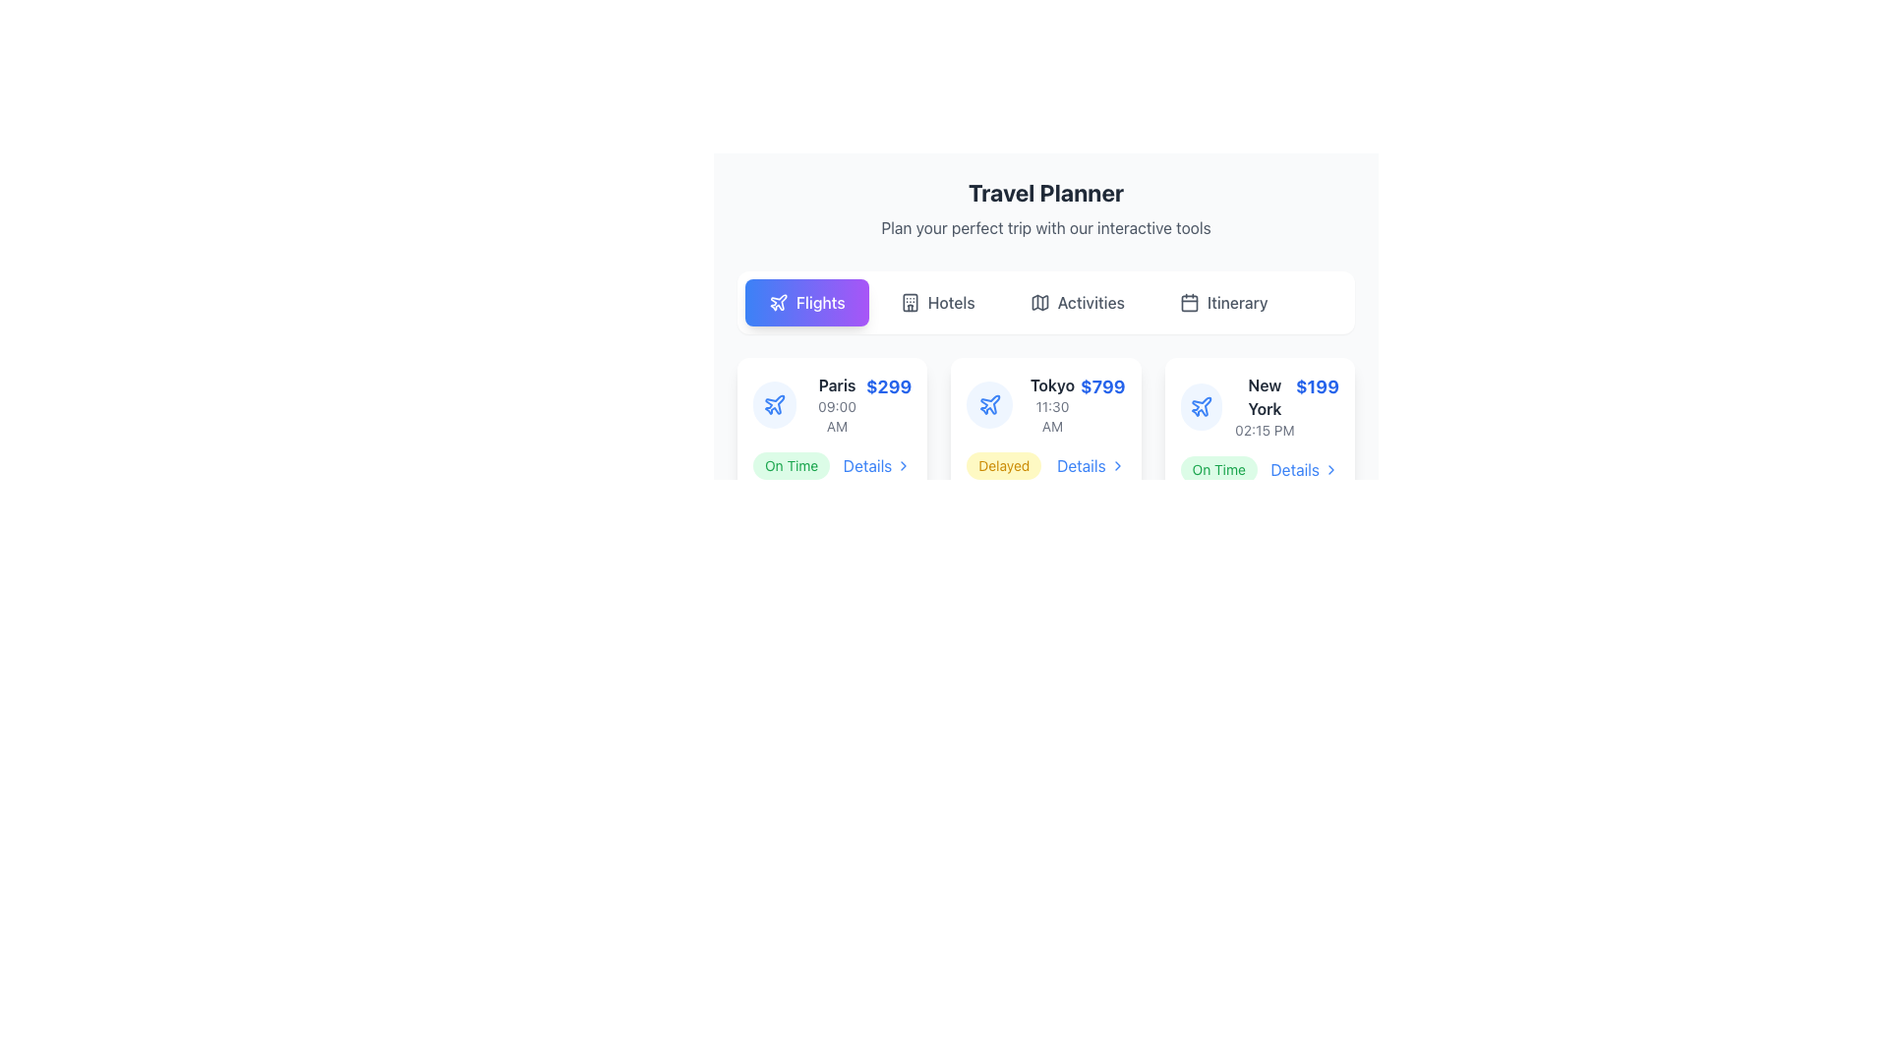 The width and height of the screenshot is (1888, 1062). What do you see at coordinates (989, 404) in the screenshot?
I see `the airplane icon representing flights to Tokyo, located in the upper-left portion of the flight card, to interact with flight-related elements` at bounding box center [989, 404].